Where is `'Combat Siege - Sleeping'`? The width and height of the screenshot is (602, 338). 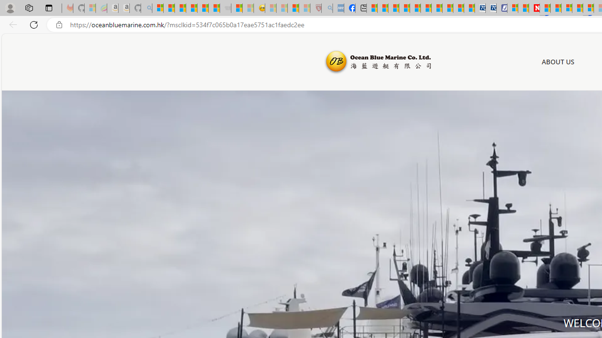 'Combat Siege - Sleeping' is located at coordinates (226, 8).